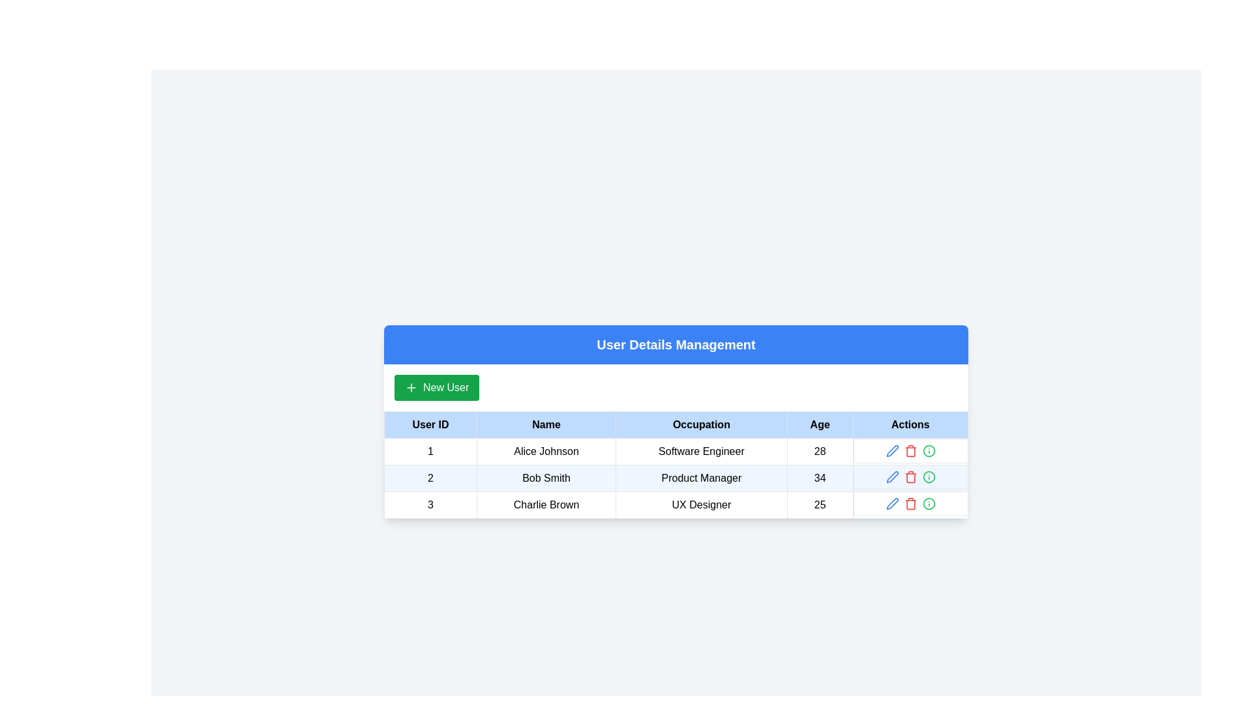  Describe the element at coordinates (928, 503) in the screenshot. I see `the icon button located` at that location.